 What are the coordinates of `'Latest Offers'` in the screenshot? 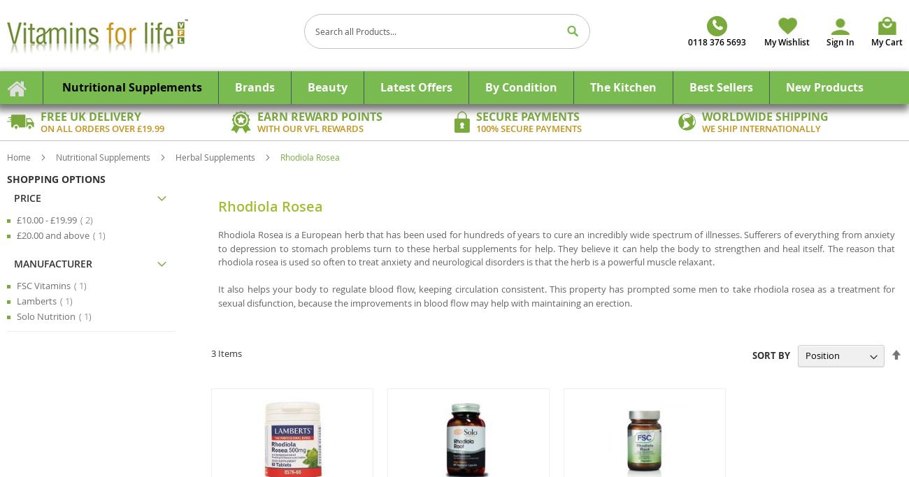 It's located at (380, 87).